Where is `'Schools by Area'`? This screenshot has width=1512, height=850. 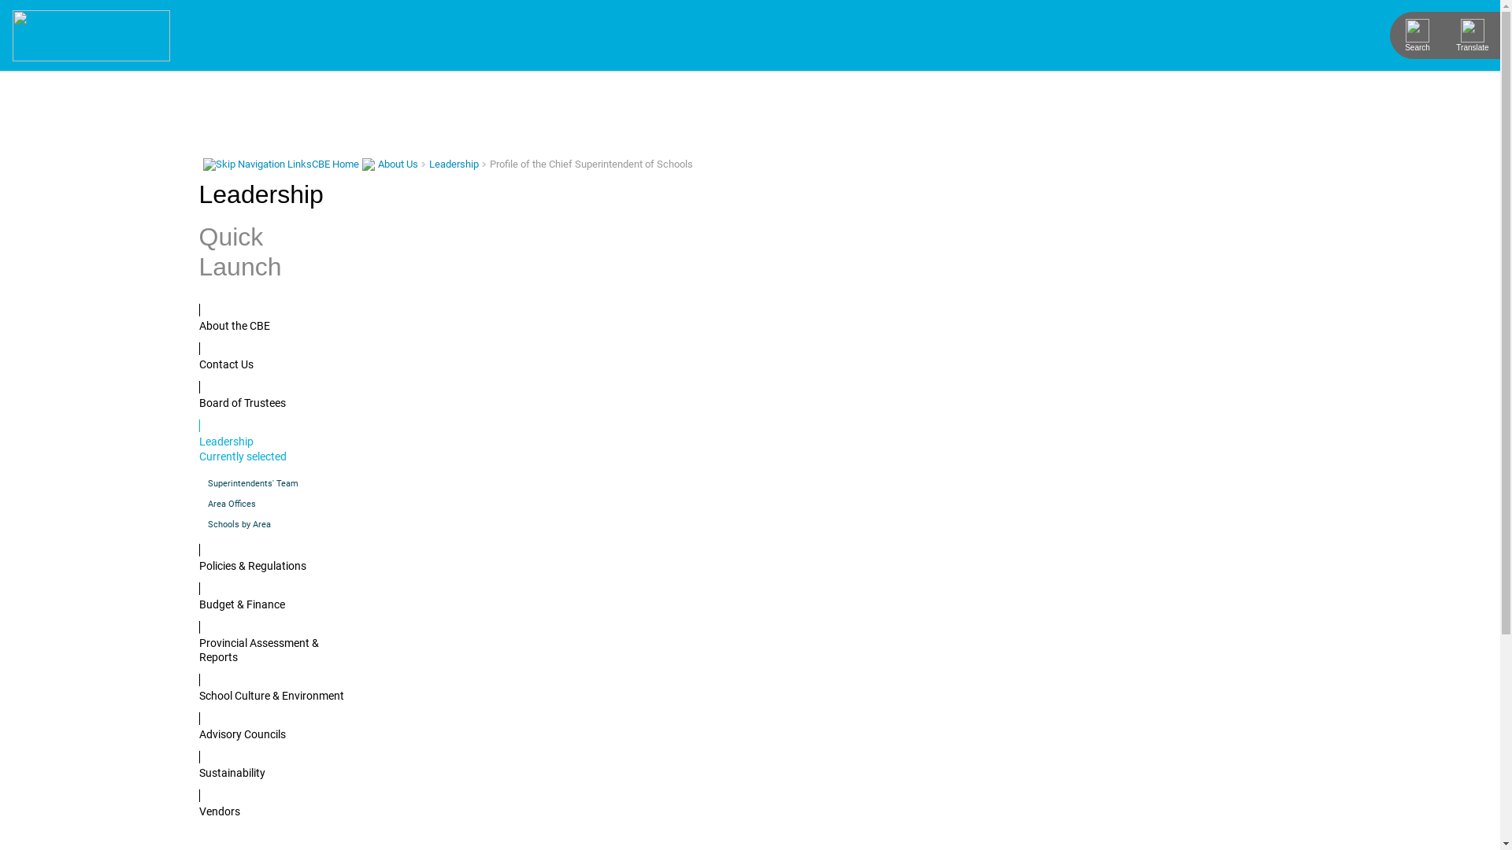 'Schools by Area' is located at coordinates (271, 524).